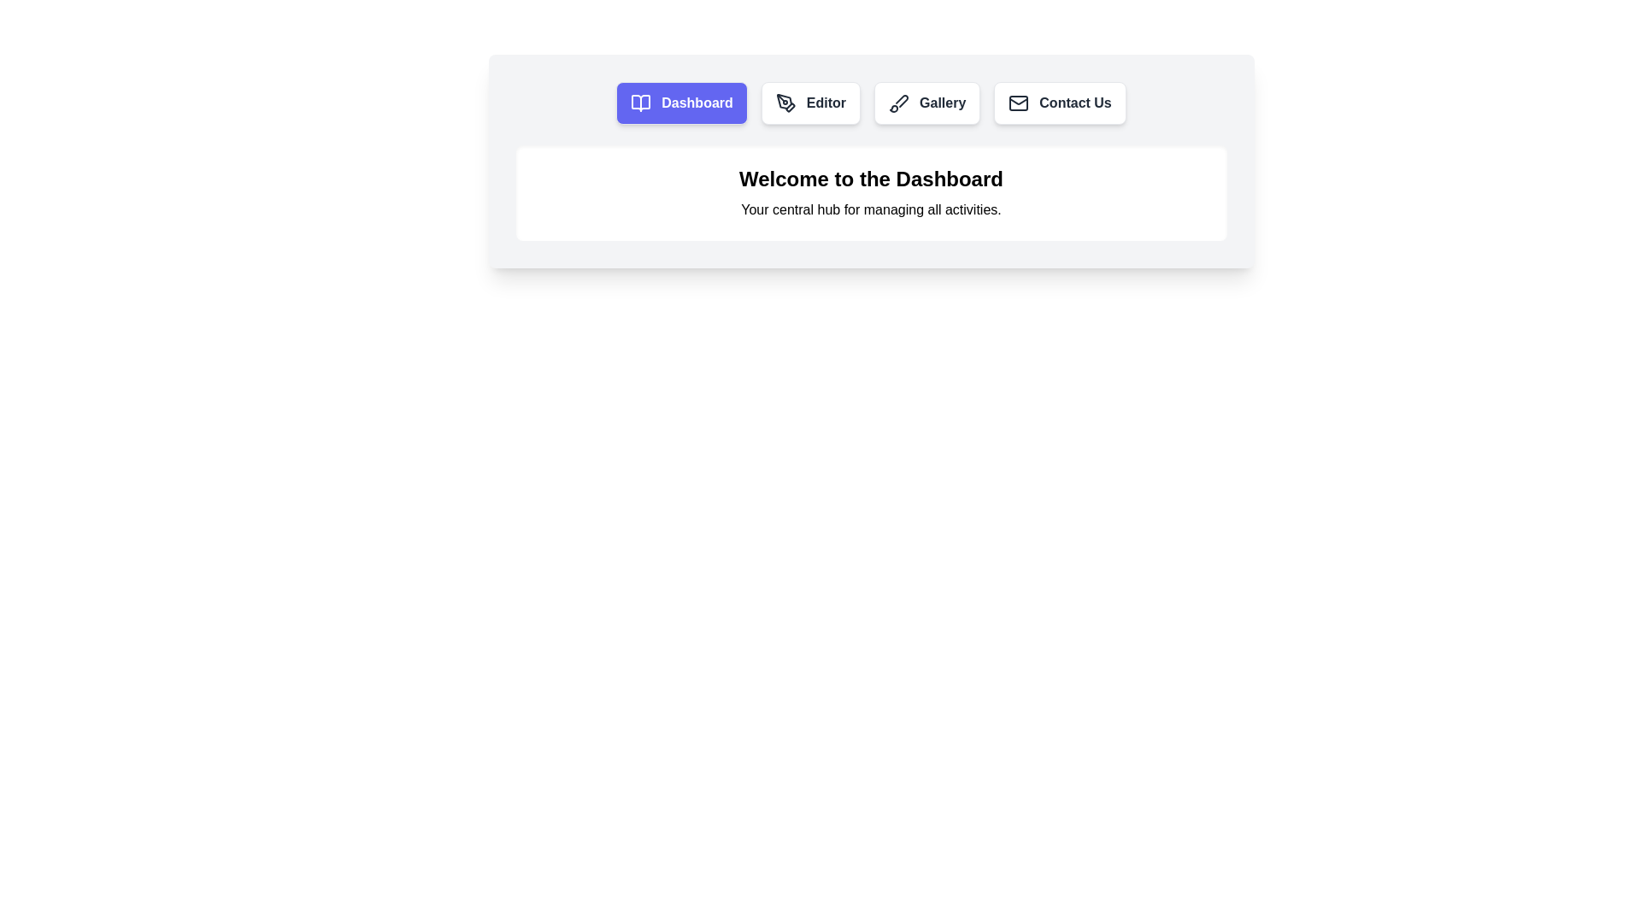 The image size is (1641, 923). Describe the element at coordinates (640, 103) in the screenshot. I see `the dual-page-like icon component that is part of the 'Dashboard' button located on the left of the navigation bar` at that location.